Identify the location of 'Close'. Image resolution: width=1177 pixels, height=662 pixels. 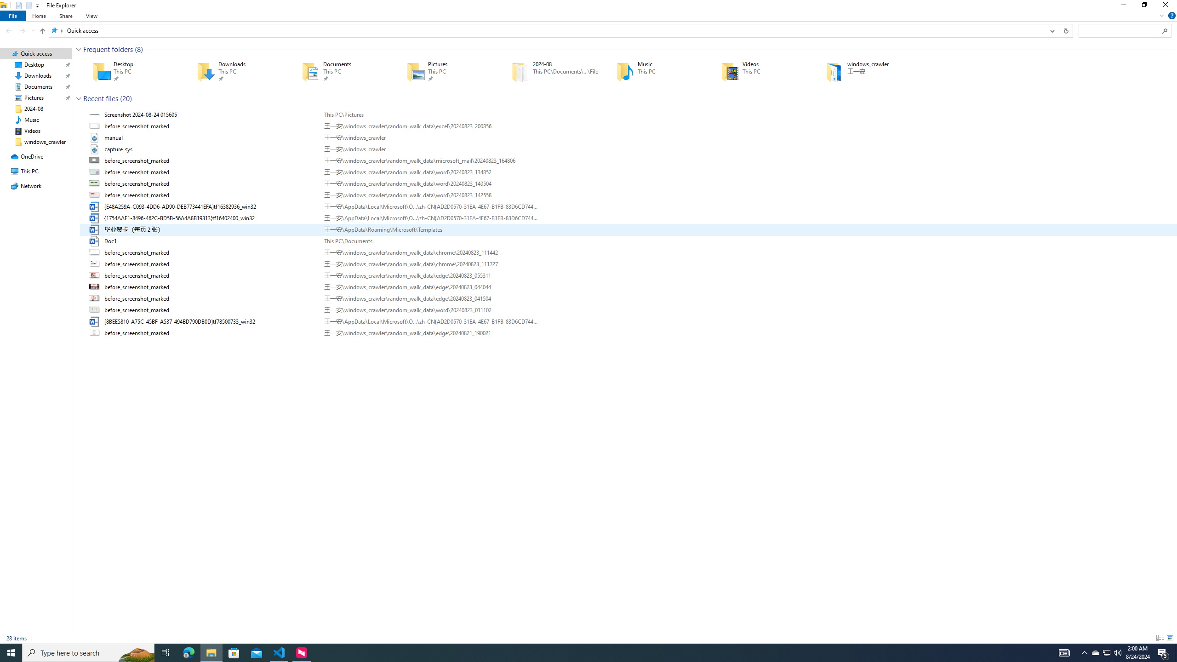
(1167, 7).